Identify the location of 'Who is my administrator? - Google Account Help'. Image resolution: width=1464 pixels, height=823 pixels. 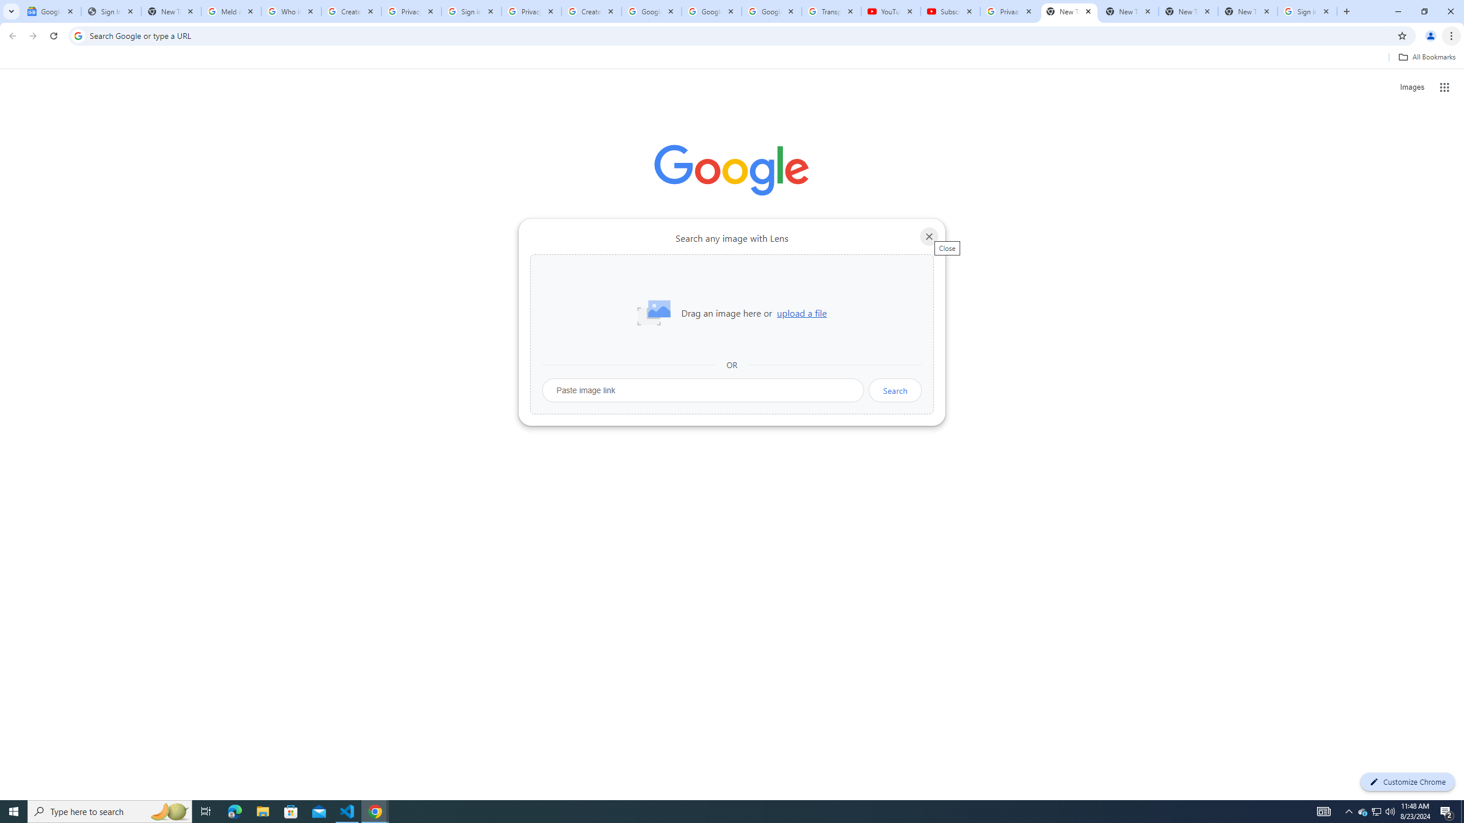
(291, 11).